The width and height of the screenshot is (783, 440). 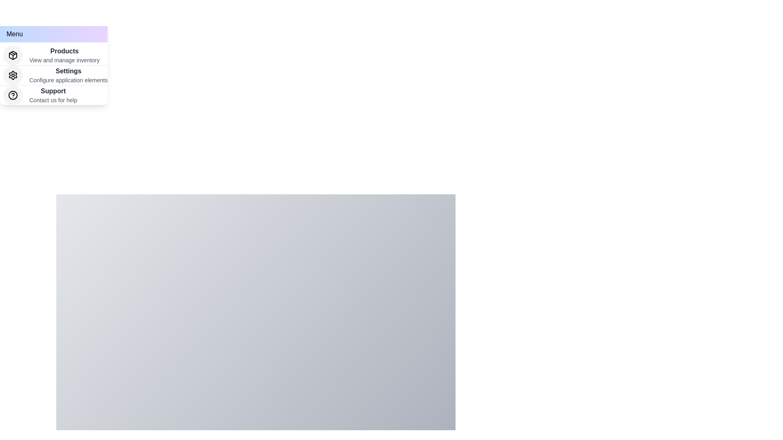 What do you see at coordinates (53, 55) in the screenshot?
I see `the menu item labeled 'Products' to highlight it` at bounding box center [53, 55].